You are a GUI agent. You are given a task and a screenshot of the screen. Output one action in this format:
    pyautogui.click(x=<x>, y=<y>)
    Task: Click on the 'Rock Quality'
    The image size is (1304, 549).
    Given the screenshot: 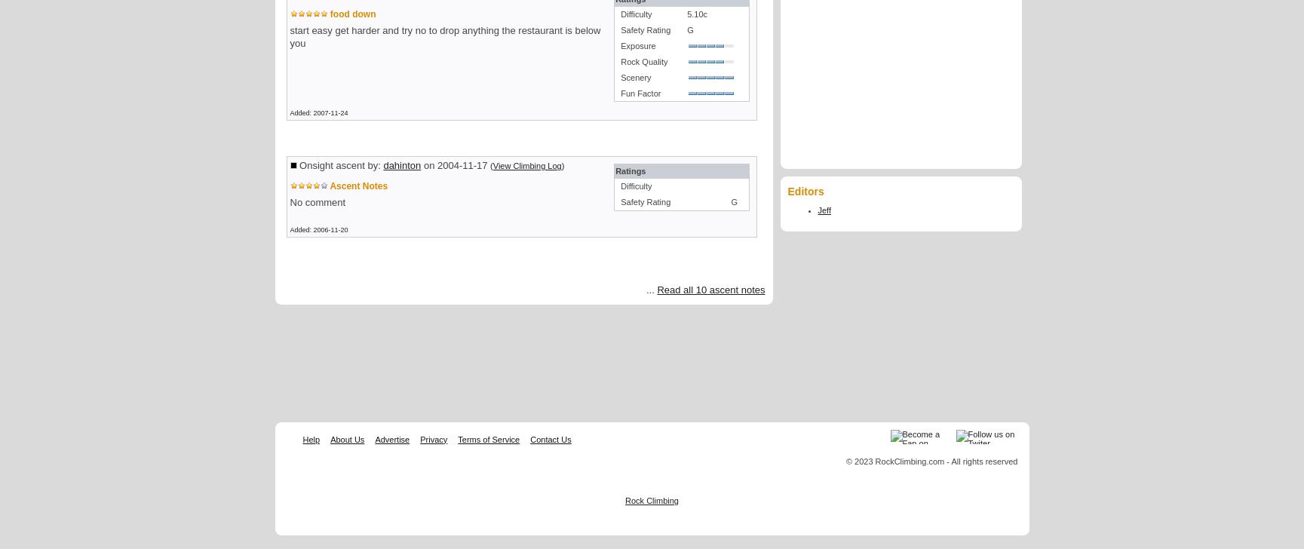 What is the action you would take?
    pyautogui.click(x=642, y=61)
    